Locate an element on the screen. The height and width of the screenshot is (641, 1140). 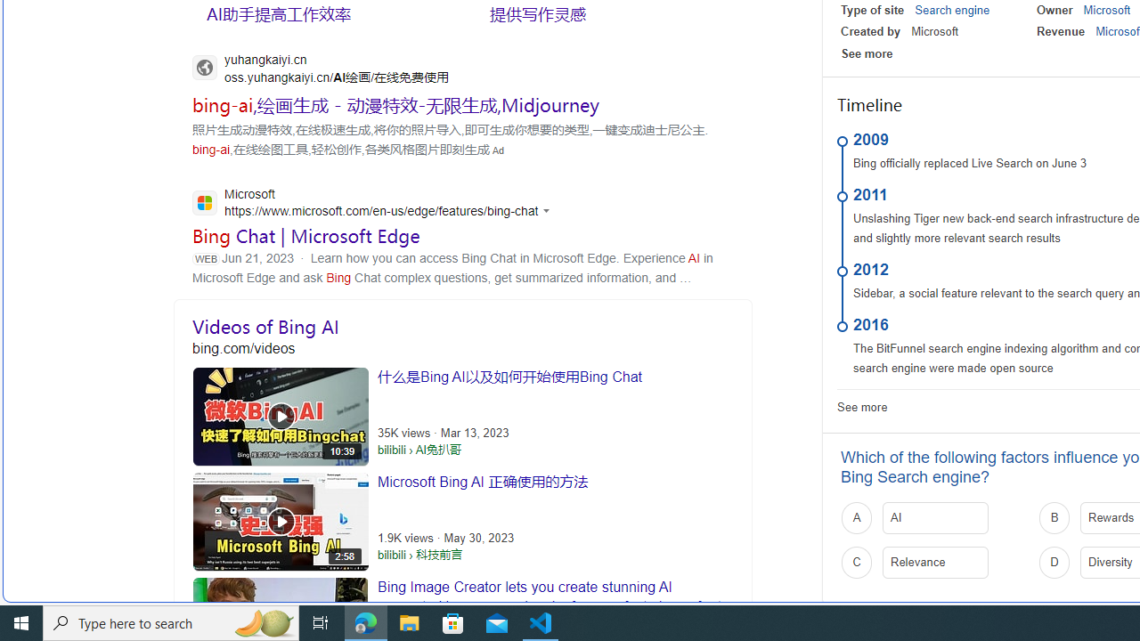
'Actions for this site' is located at coordinates (548, 209).